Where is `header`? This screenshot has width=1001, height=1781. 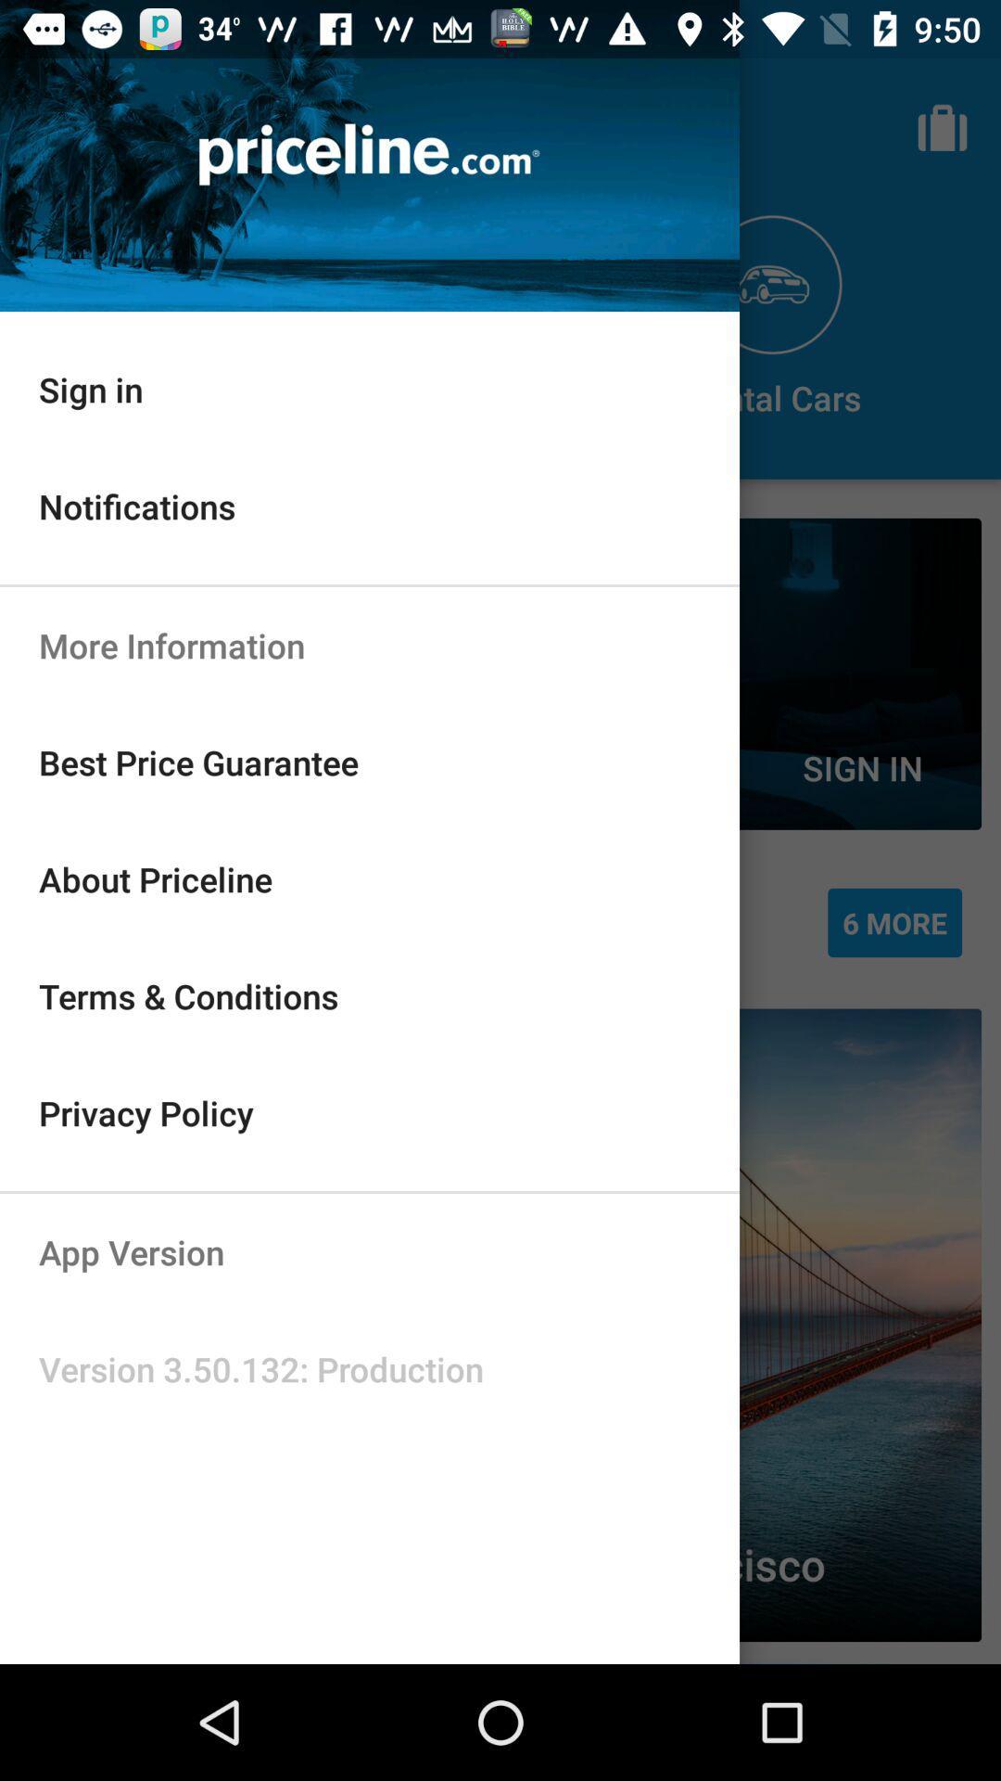
header is located at coordinates (369, 156).